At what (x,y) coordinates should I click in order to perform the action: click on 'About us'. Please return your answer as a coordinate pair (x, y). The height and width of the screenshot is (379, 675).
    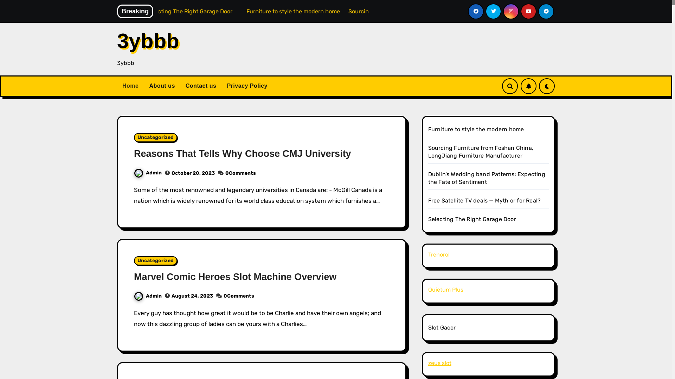
    Looking at the image, I should click on (161, 86).